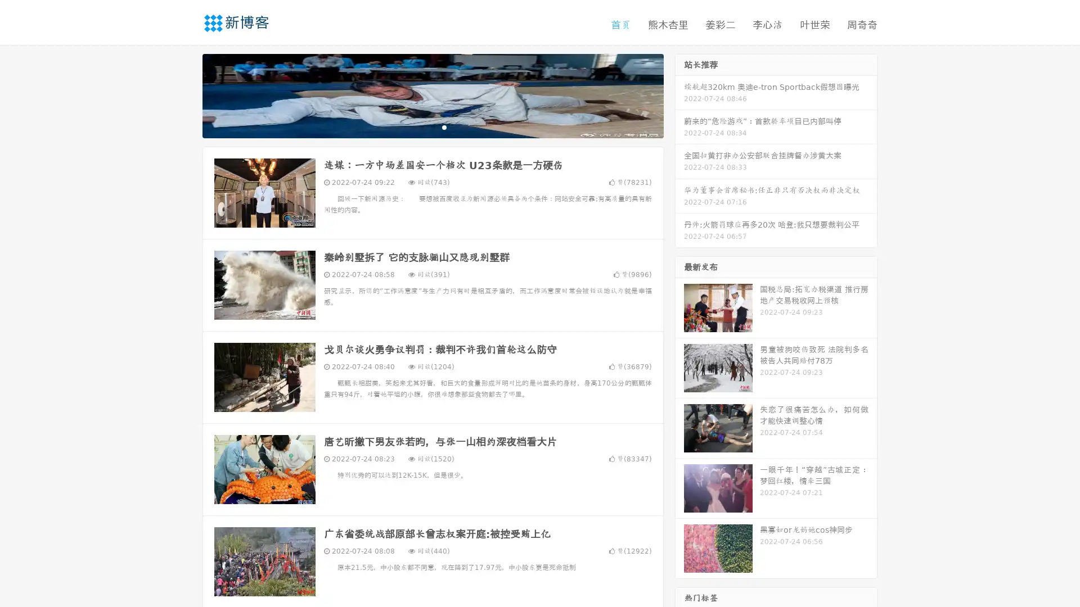 The width and height of the screenshot is (1080, 607). Describe the element at coordinates (186, 94) in the screenshot. I see `Previous slide` at that location.